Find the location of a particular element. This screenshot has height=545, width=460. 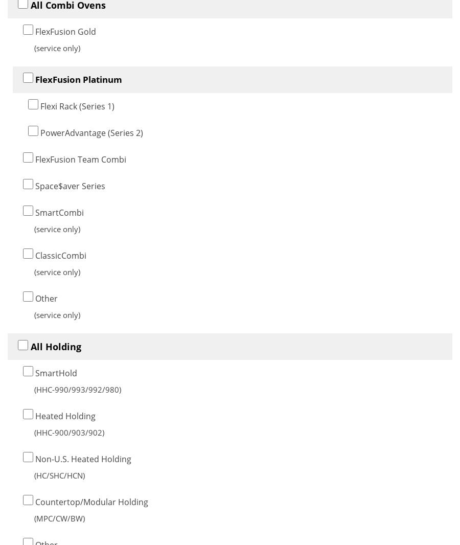

'Heated Holding' is located at coordinates (64, 416).